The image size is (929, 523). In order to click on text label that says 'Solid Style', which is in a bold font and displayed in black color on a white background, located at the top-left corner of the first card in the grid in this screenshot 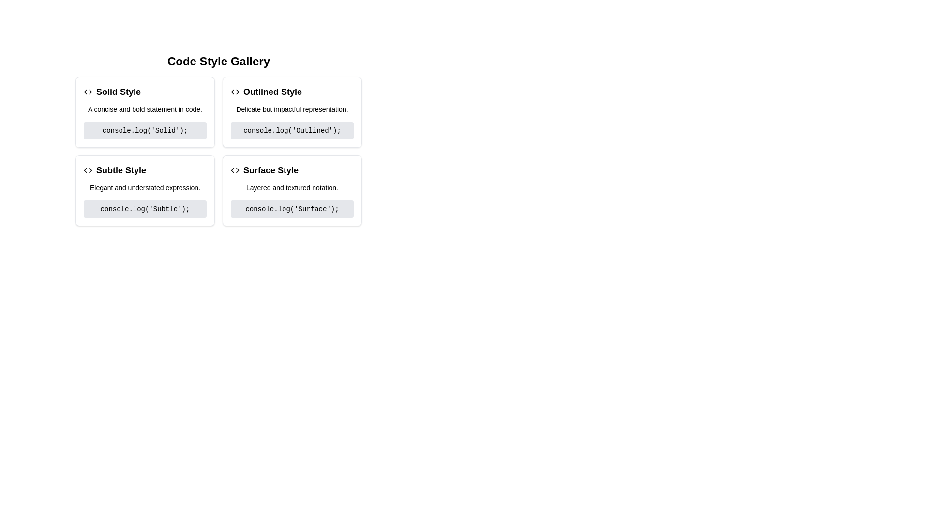, I will do `click(118, 92)`.